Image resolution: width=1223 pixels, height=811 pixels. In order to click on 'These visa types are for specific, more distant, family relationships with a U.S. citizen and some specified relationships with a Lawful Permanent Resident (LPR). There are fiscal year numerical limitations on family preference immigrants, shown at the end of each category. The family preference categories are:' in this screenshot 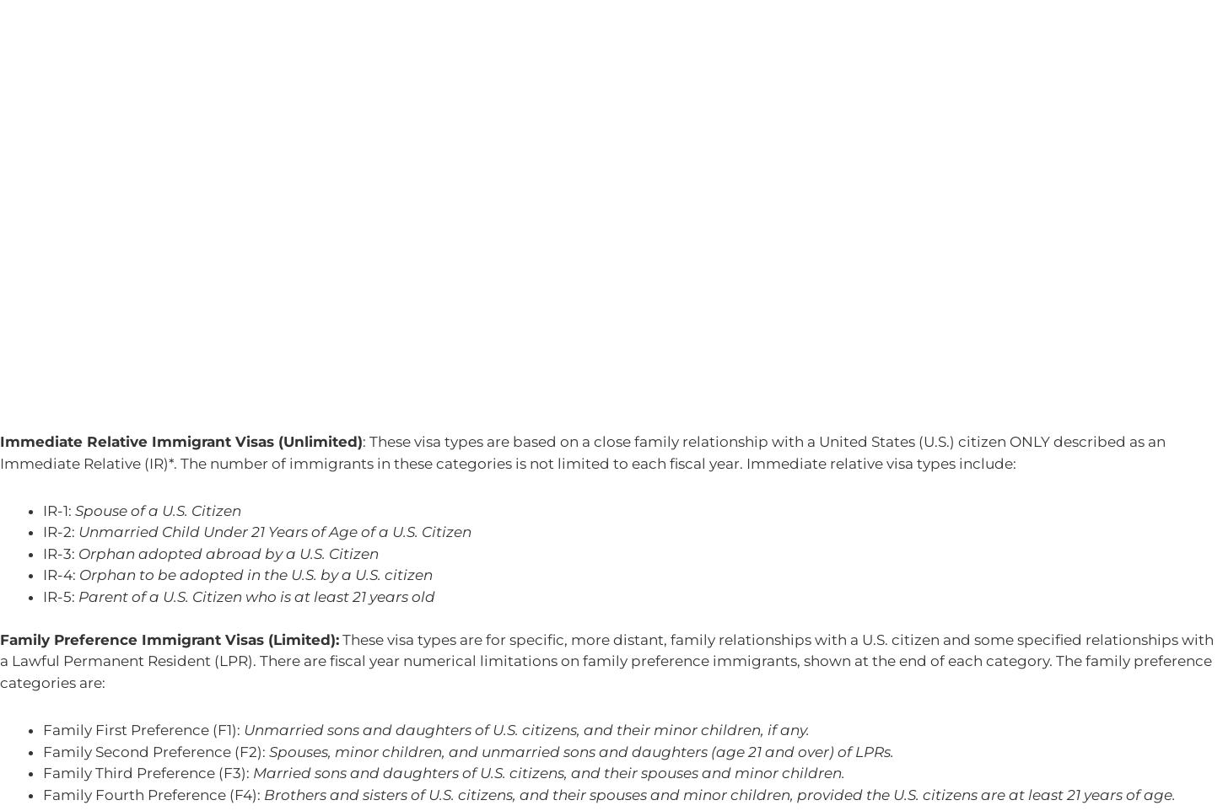, I will do `click(606, 659)`.